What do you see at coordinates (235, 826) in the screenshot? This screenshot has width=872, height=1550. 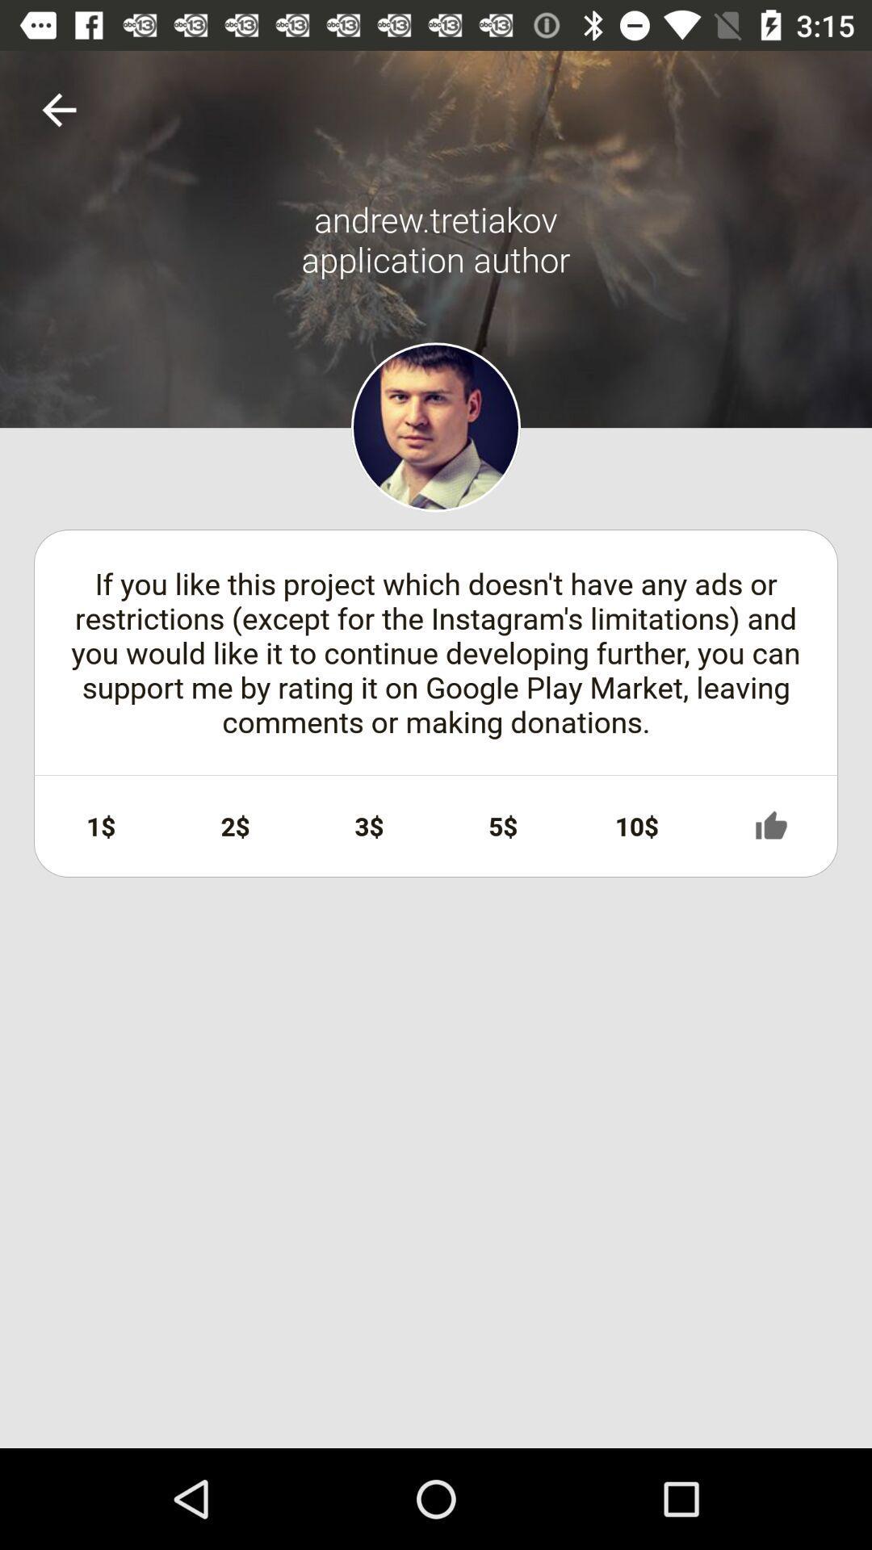 I see `icon next to 3$` at bounding box center [235, 826].